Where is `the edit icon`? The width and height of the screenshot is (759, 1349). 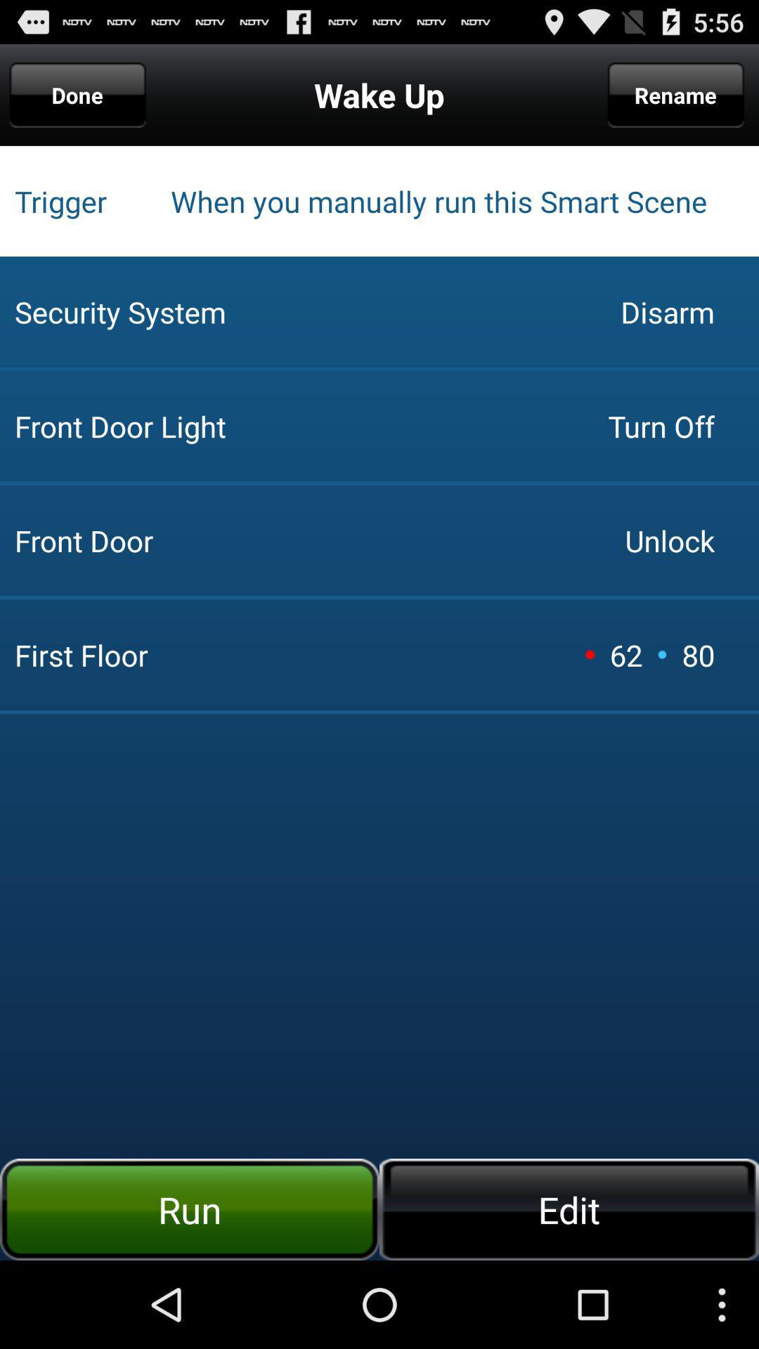 the edit icon is located at coordinates (569, 1208).